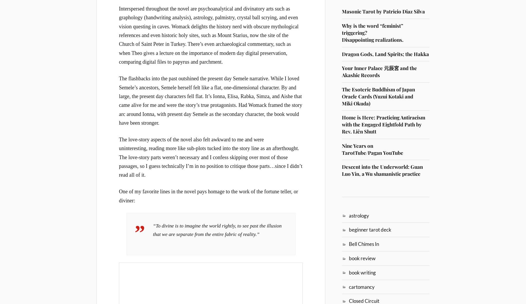  I want to click on 'book review', so click(362, 258).